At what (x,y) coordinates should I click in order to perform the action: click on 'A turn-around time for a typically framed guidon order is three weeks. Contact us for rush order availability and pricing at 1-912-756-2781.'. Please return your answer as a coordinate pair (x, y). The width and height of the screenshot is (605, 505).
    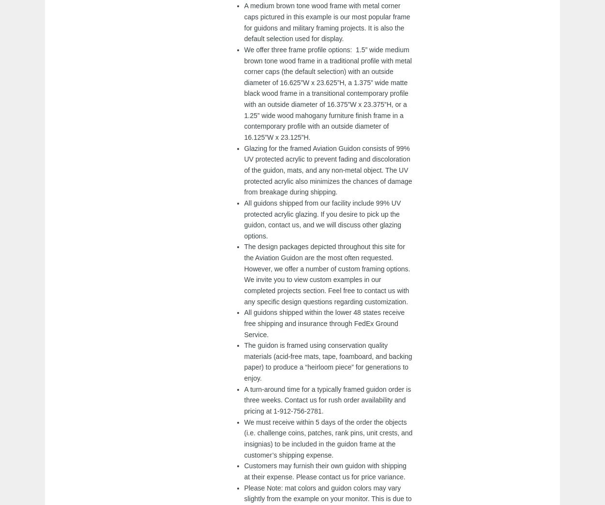
    Looking at the image, I should click on (327, 399).